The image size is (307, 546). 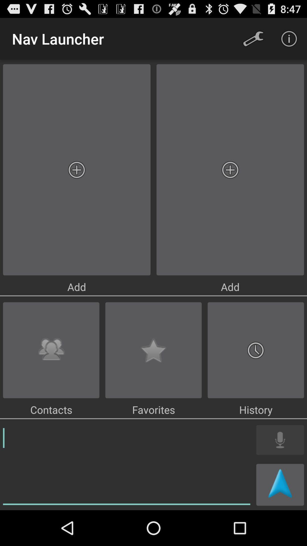 I want to click on address, so click(x=126, y=465).